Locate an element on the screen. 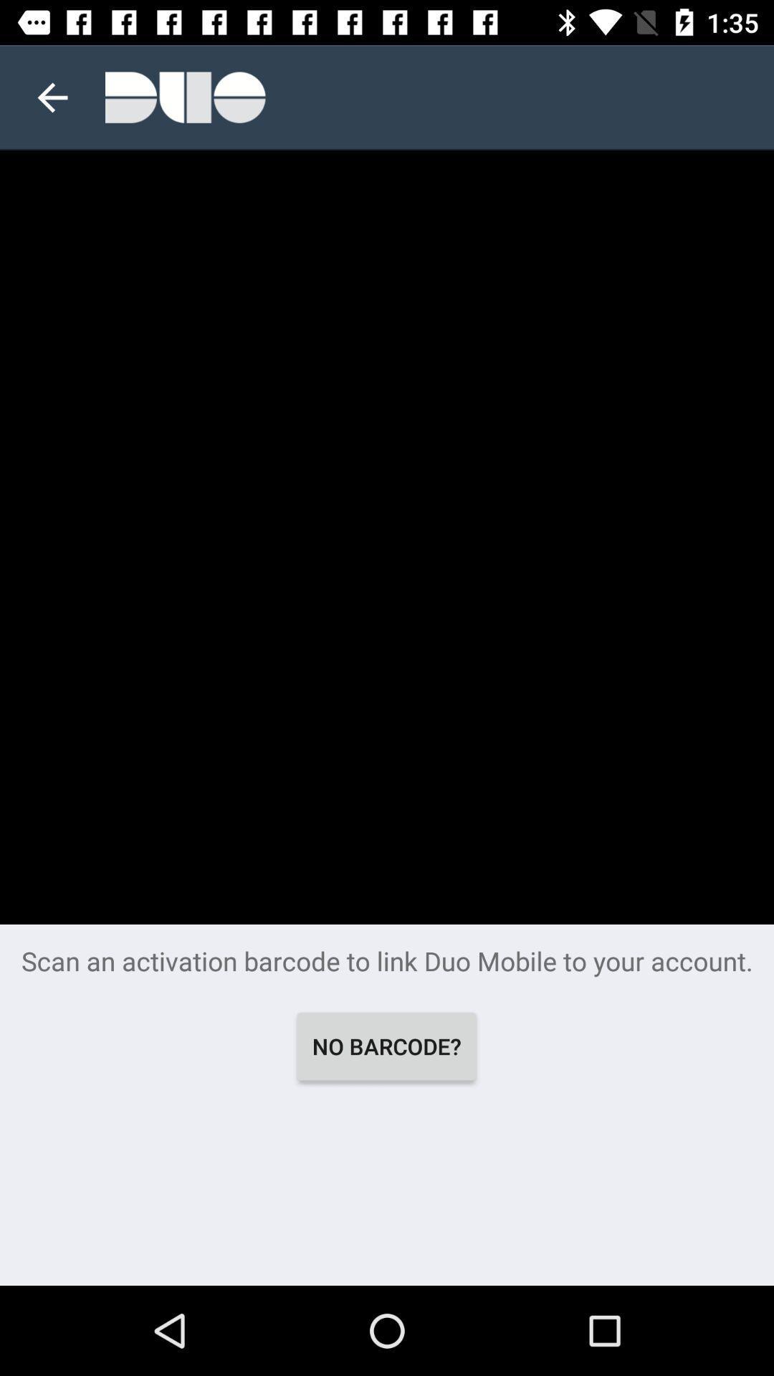 Image resolution: width=774 pixels, height=1376 pixels. icon below the scan an activation app is located at coordinates (386, 1046).